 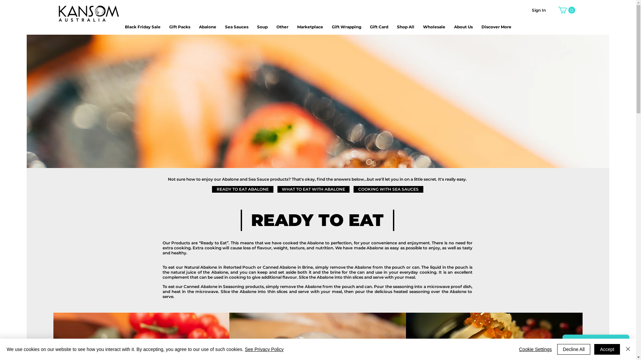 What do you see at coordinates (539, 10) in the screenshot?
I see `'Sign In'` at bounding box center [539, 10].